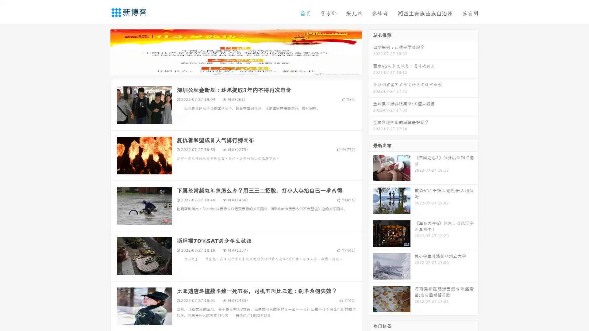 The height and width of the screenshot is (331, 589). Describe the element at coordinates (242, 69) in the screenshot. I see `Go to slide 3` at that location.